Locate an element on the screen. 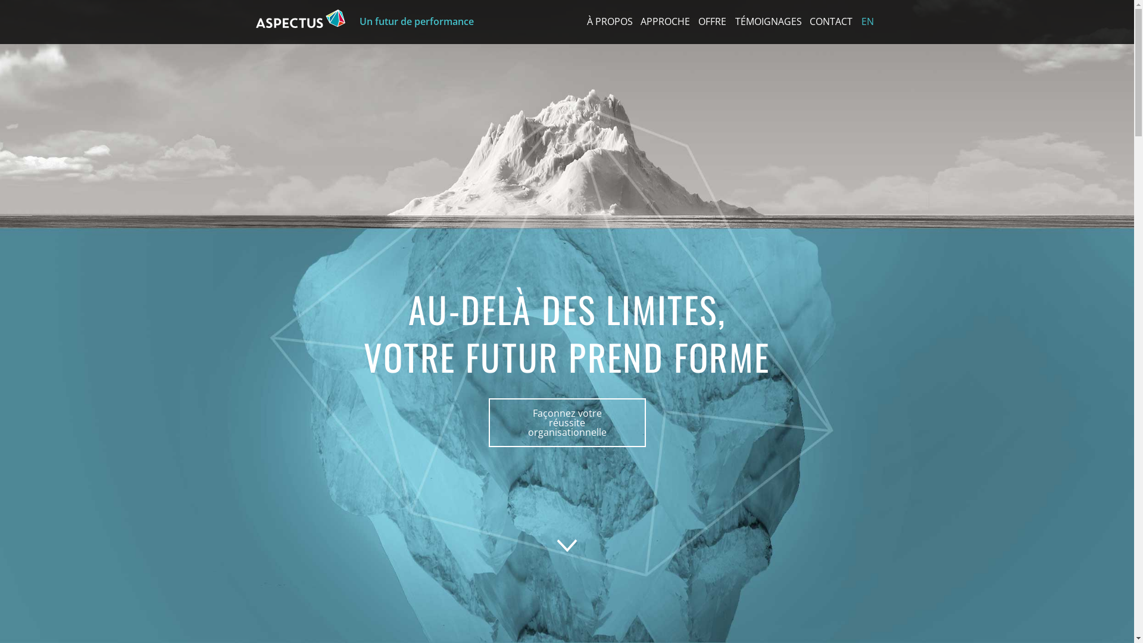  'EN' is located at coordinates (867, 21).